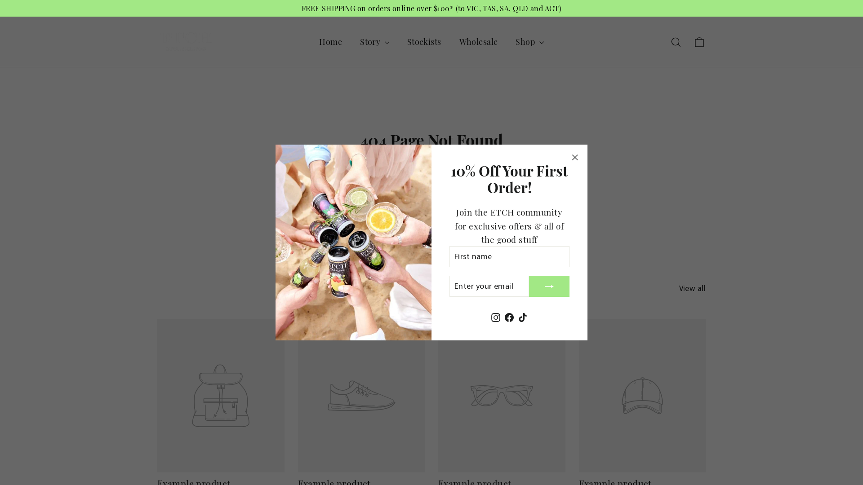 This screenshot has height=485, width=863. Describe the element at coordinates (676, 41) in the screenshot. I see `'Search'` at that location.